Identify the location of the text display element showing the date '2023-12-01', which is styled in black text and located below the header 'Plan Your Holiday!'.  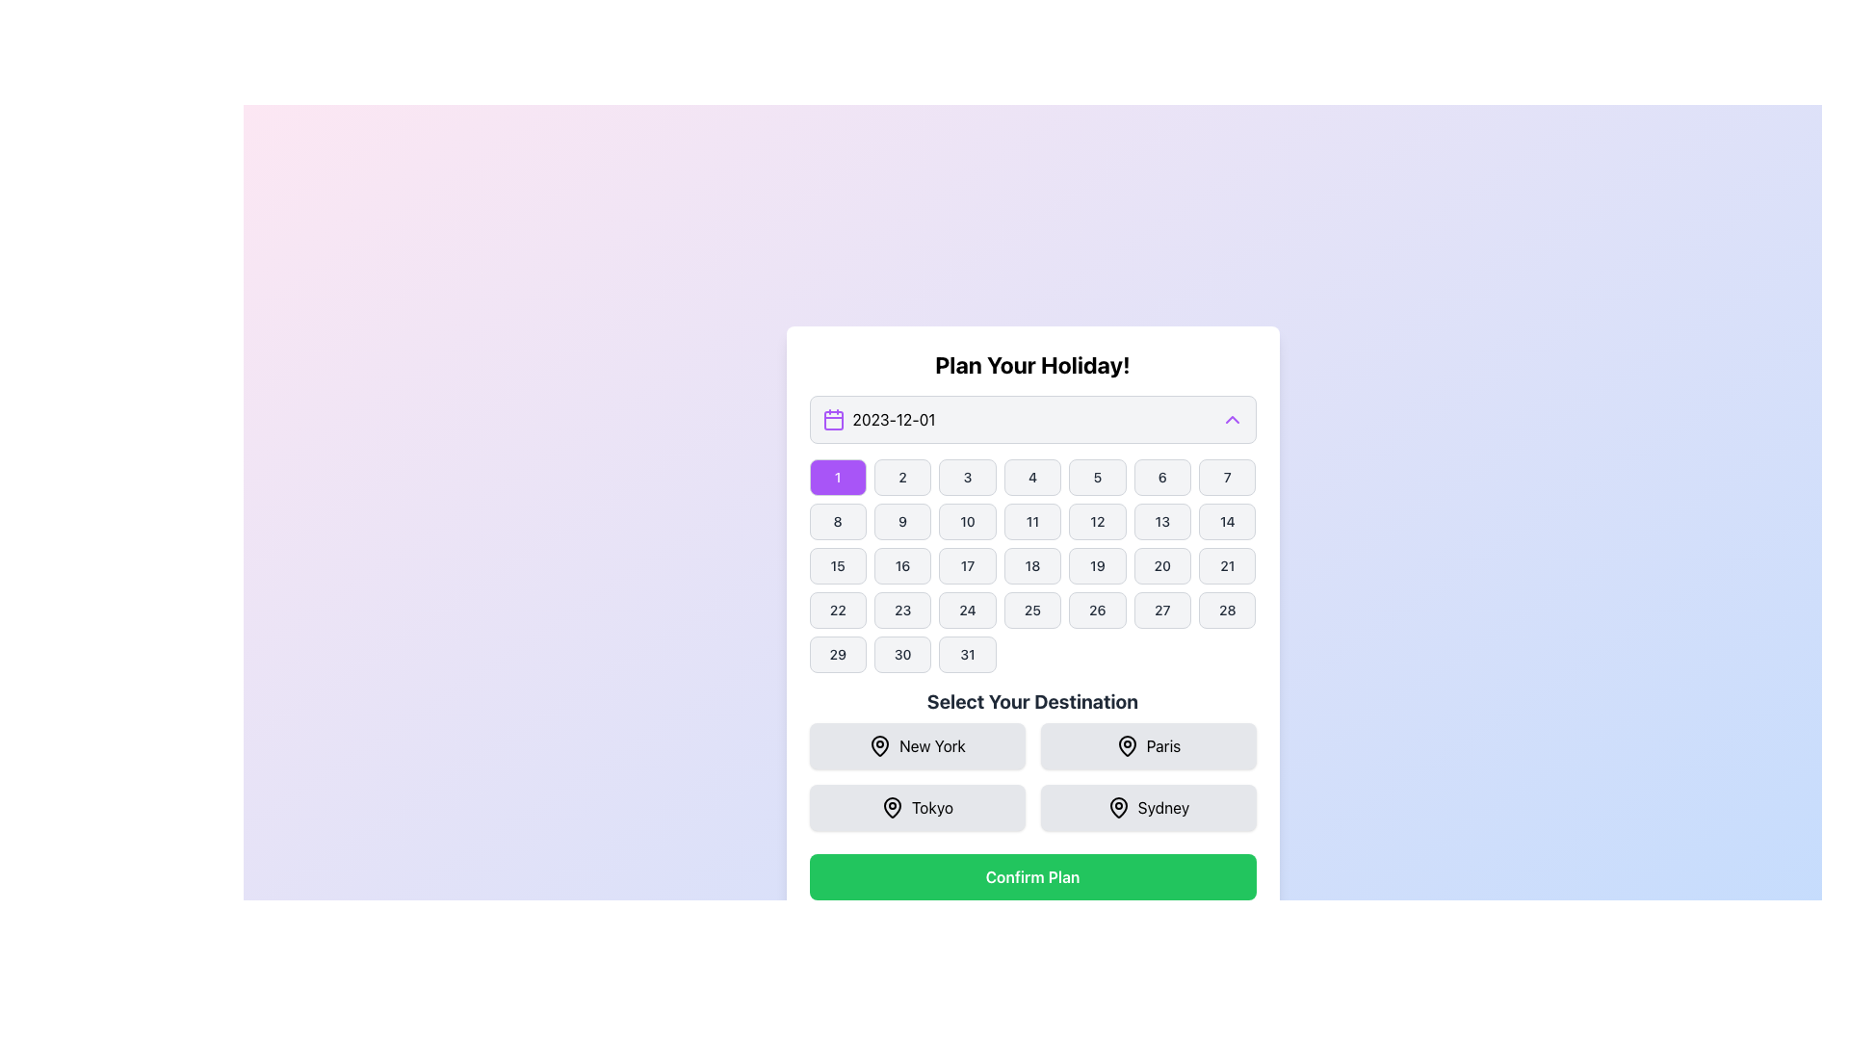
(877, 418).